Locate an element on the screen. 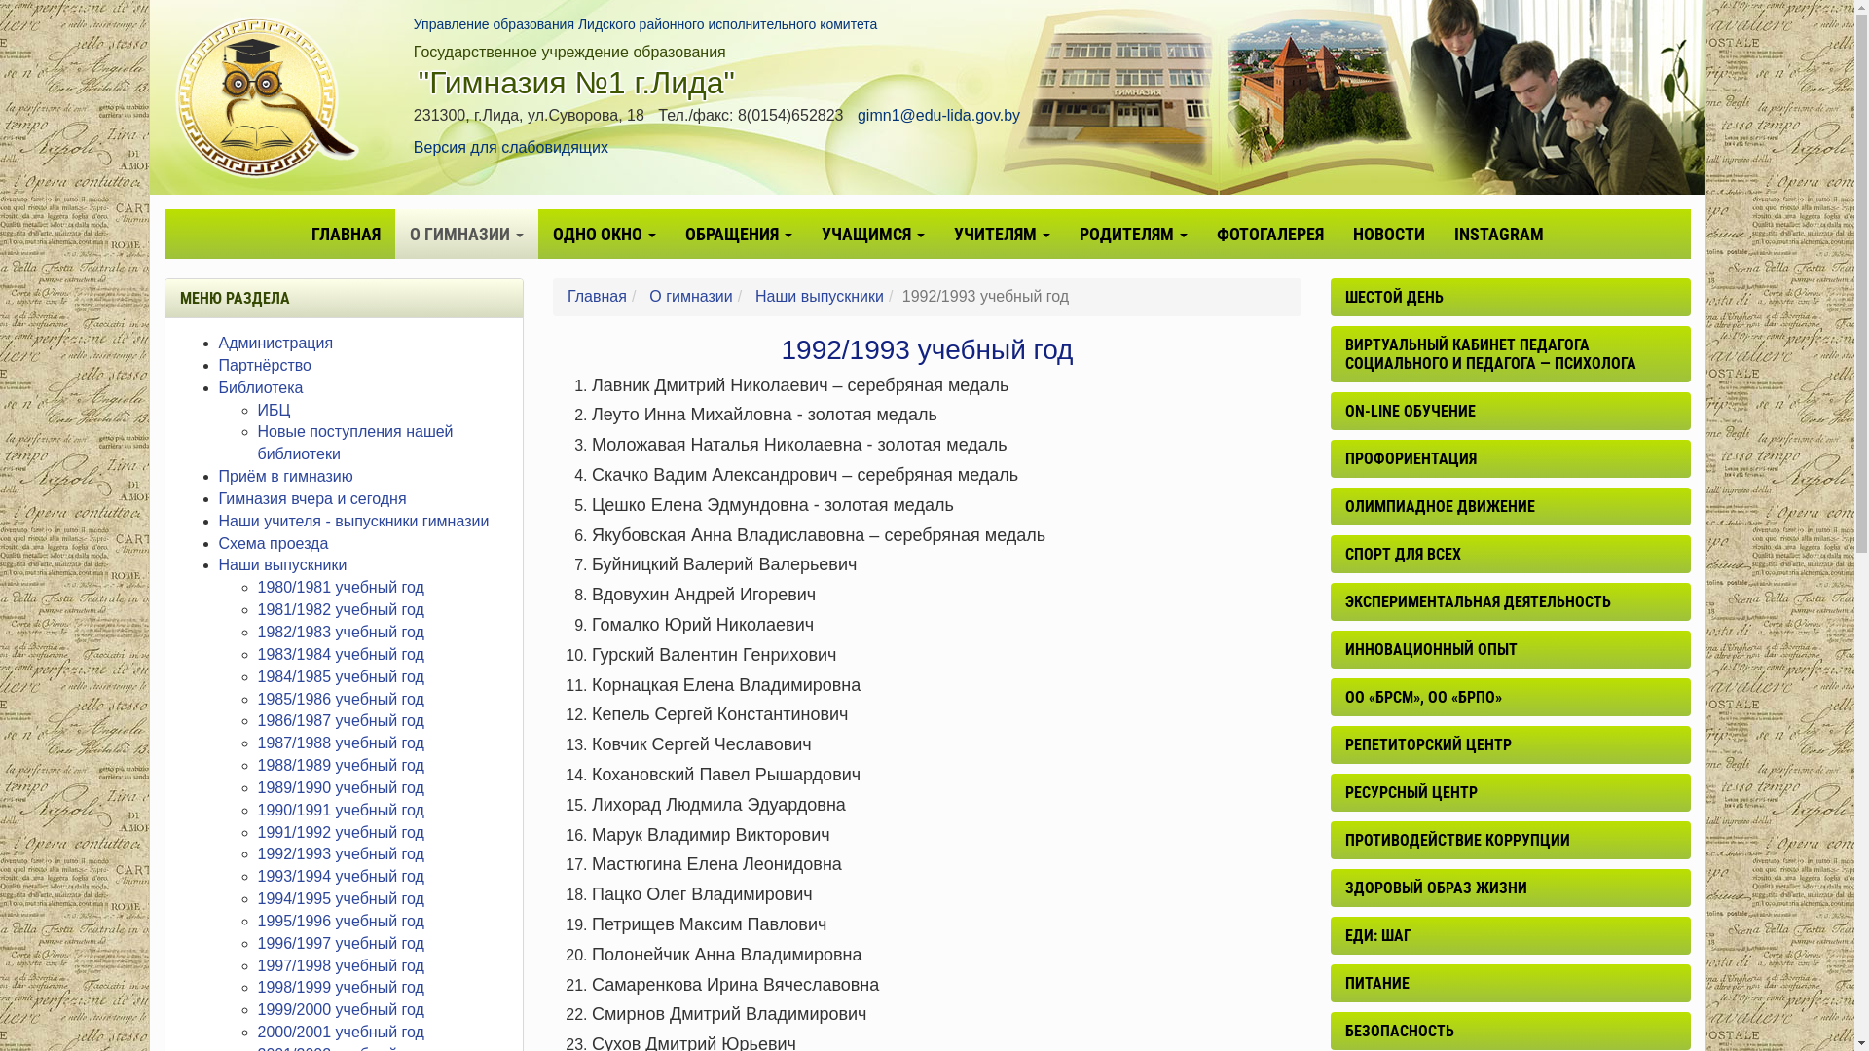  'gimn1@edu-lida.gov.by' is located at coordinates (938, 115).